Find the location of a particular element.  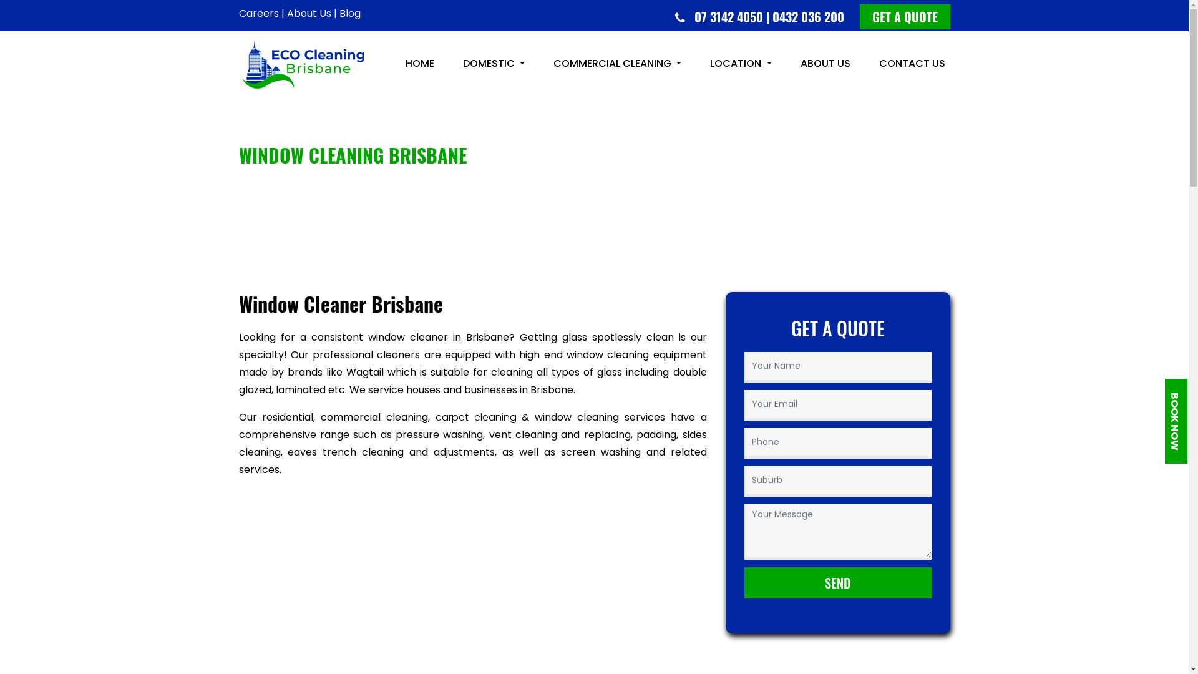

'Blog' is located at coordinates (349, 13).